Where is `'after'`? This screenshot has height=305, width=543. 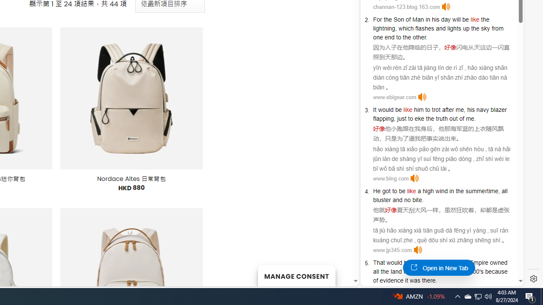
'after' is located at coordinates (448, 109).